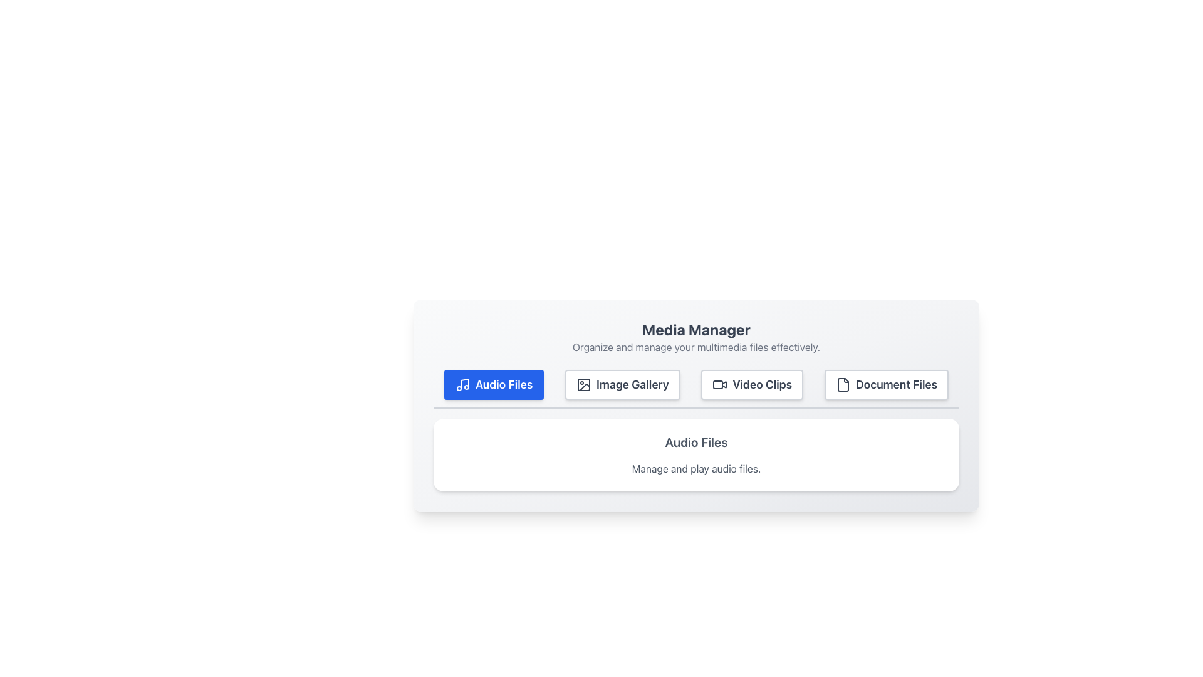 The image size is (1203, 677). I want to click on the document icon located within the 'Document Files' button in the top-right corner of the toolbar, so click(843, 384).